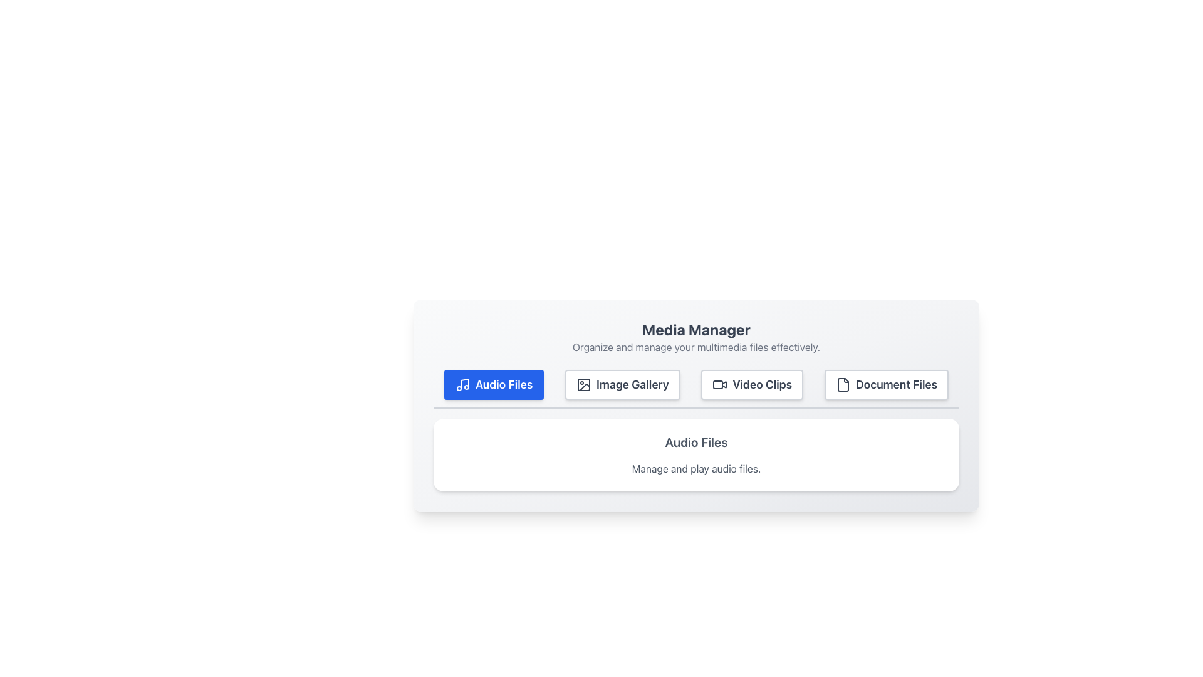 The image size is (1203, 677). I want to click on the document icon located within the 'Document Files' button in the top-right corner of the toolbar, so click(843, 384).